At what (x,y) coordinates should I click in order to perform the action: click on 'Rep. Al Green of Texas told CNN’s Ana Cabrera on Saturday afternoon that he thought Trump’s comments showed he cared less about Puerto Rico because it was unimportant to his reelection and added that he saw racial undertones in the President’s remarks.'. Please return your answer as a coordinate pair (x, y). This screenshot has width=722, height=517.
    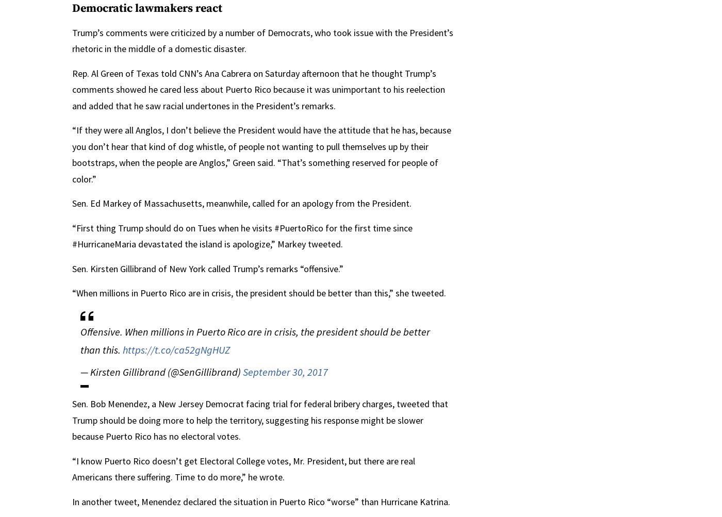
    Looking at the image, I should click on (258, 89).